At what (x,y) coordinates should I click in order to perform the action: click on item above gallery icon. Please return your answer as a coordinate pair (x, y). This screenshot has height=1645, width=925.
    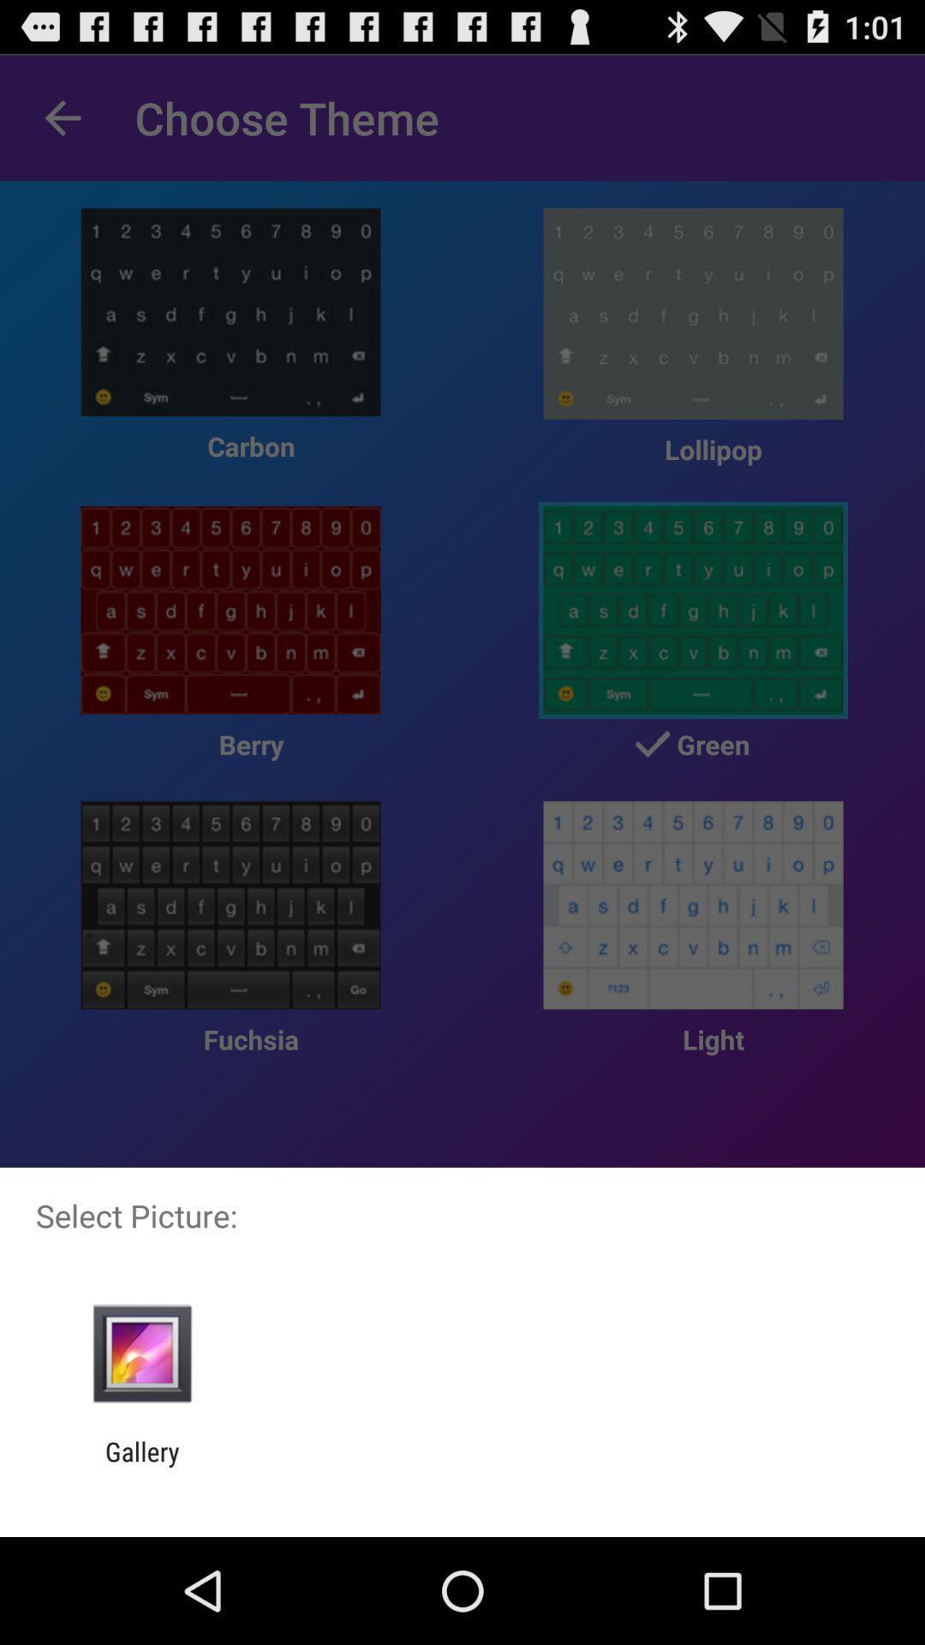
    Looking at the image, I should click on (141, 1353).